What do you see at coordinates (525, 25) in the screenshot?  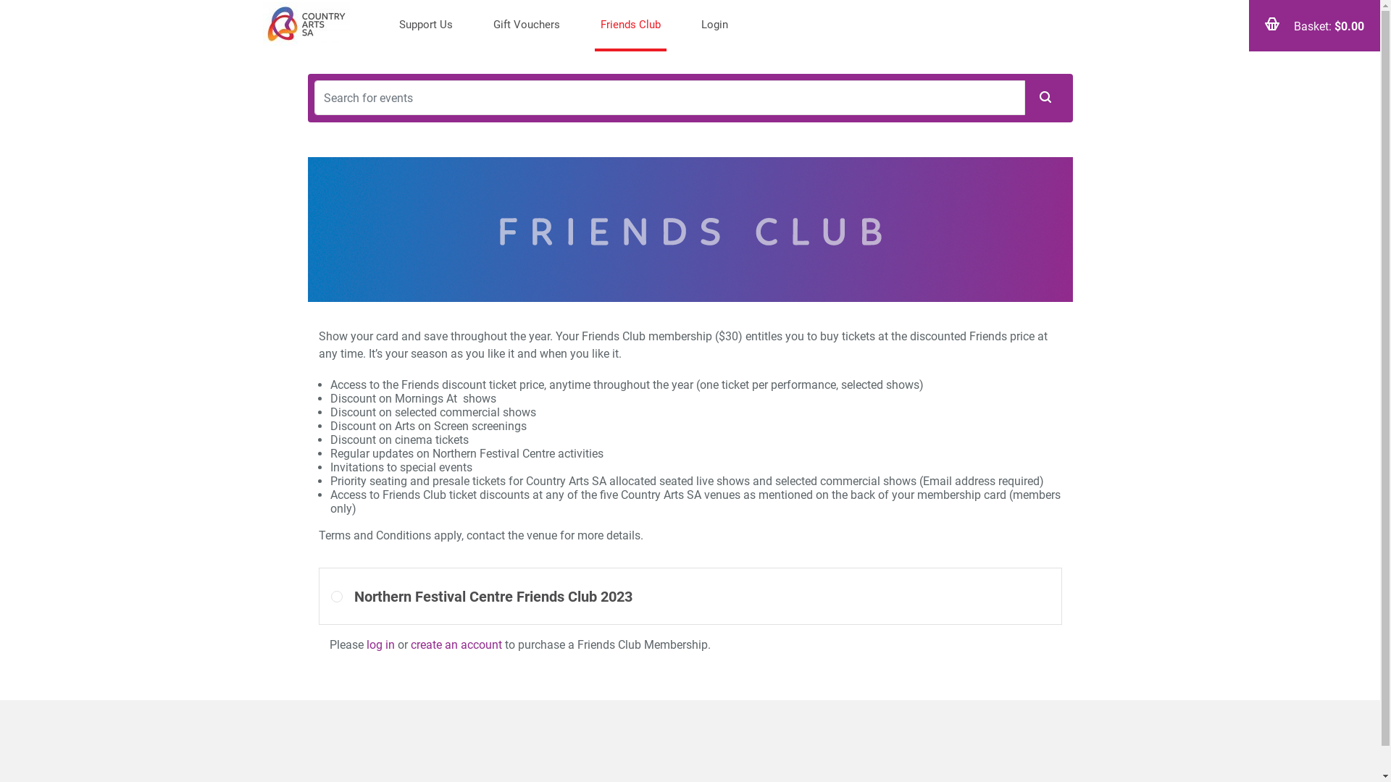 I see `'Gift Vouchers'` at bounding box center [525, 25].